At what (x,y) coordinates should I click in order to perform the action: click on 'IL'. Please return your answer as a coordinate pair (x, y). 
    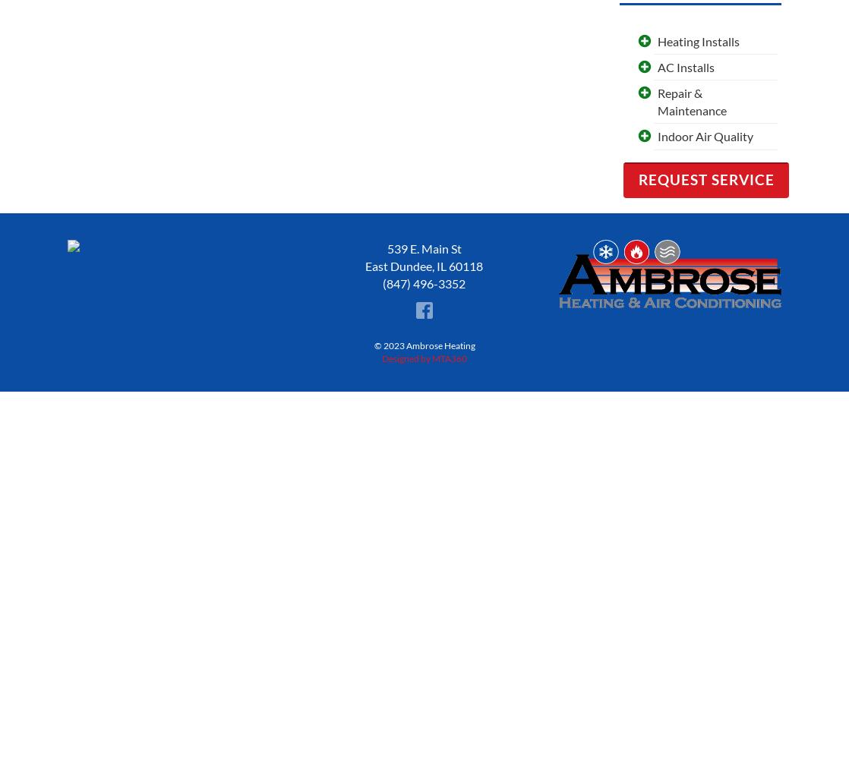
    Looking at the image, I should click on (436, 265).